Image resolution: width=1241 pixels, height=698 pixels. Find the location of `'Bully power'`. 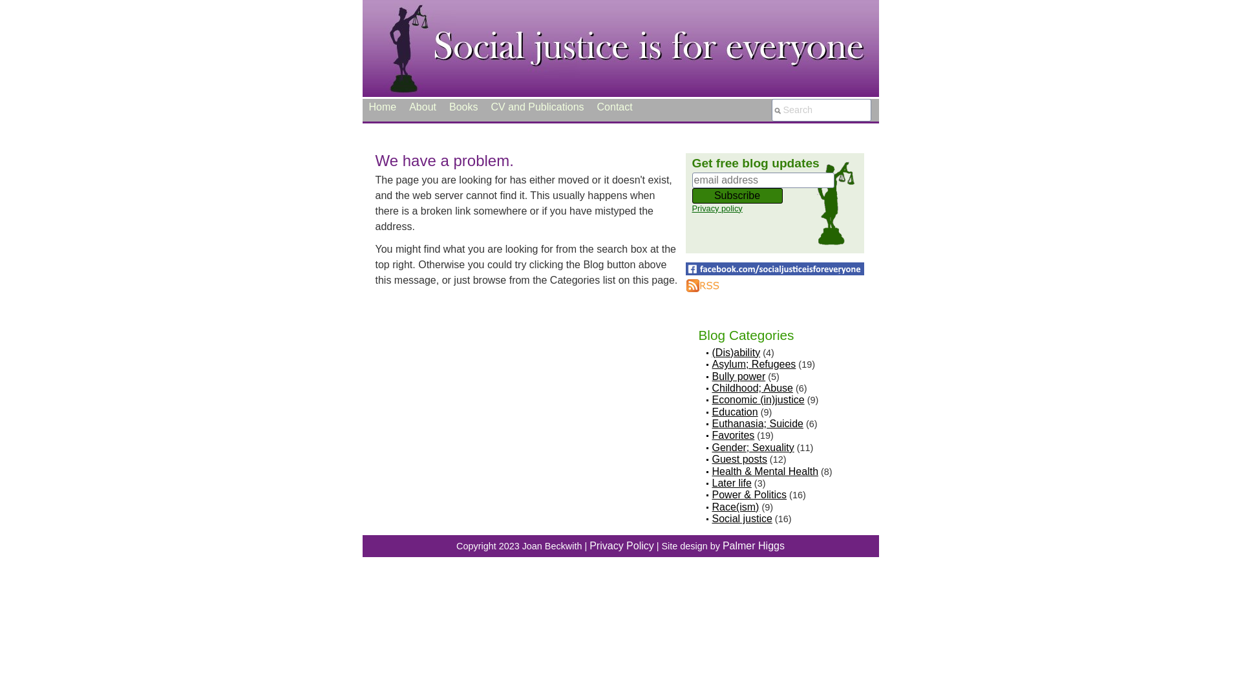

'Bully power' is located at coordinates (739, 376).